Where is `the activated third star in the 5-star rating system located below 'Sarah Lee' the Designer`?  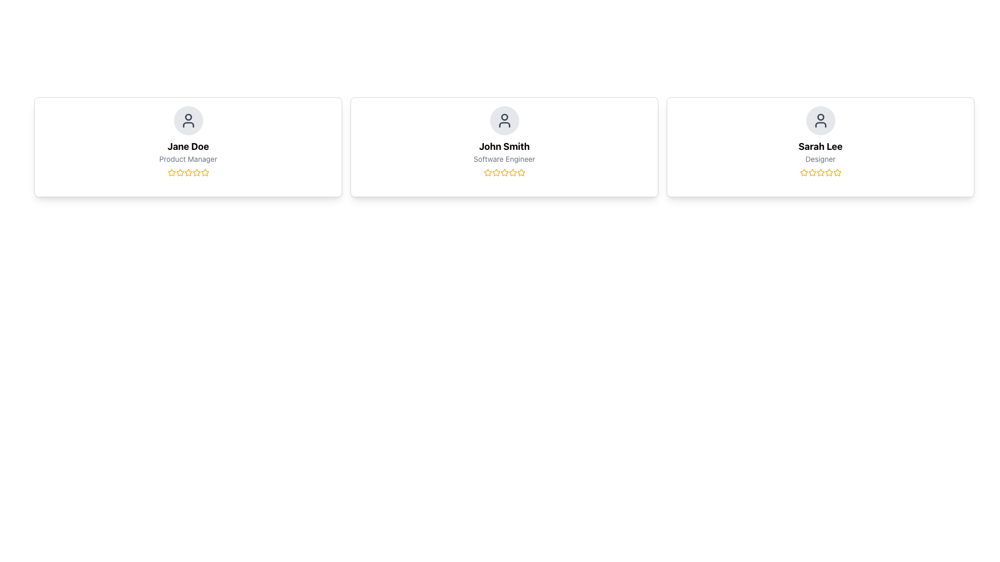
the activated third star in the 5-star rating system located below 'Sarah Lee' the Designer is located at coordinates (811, 172).